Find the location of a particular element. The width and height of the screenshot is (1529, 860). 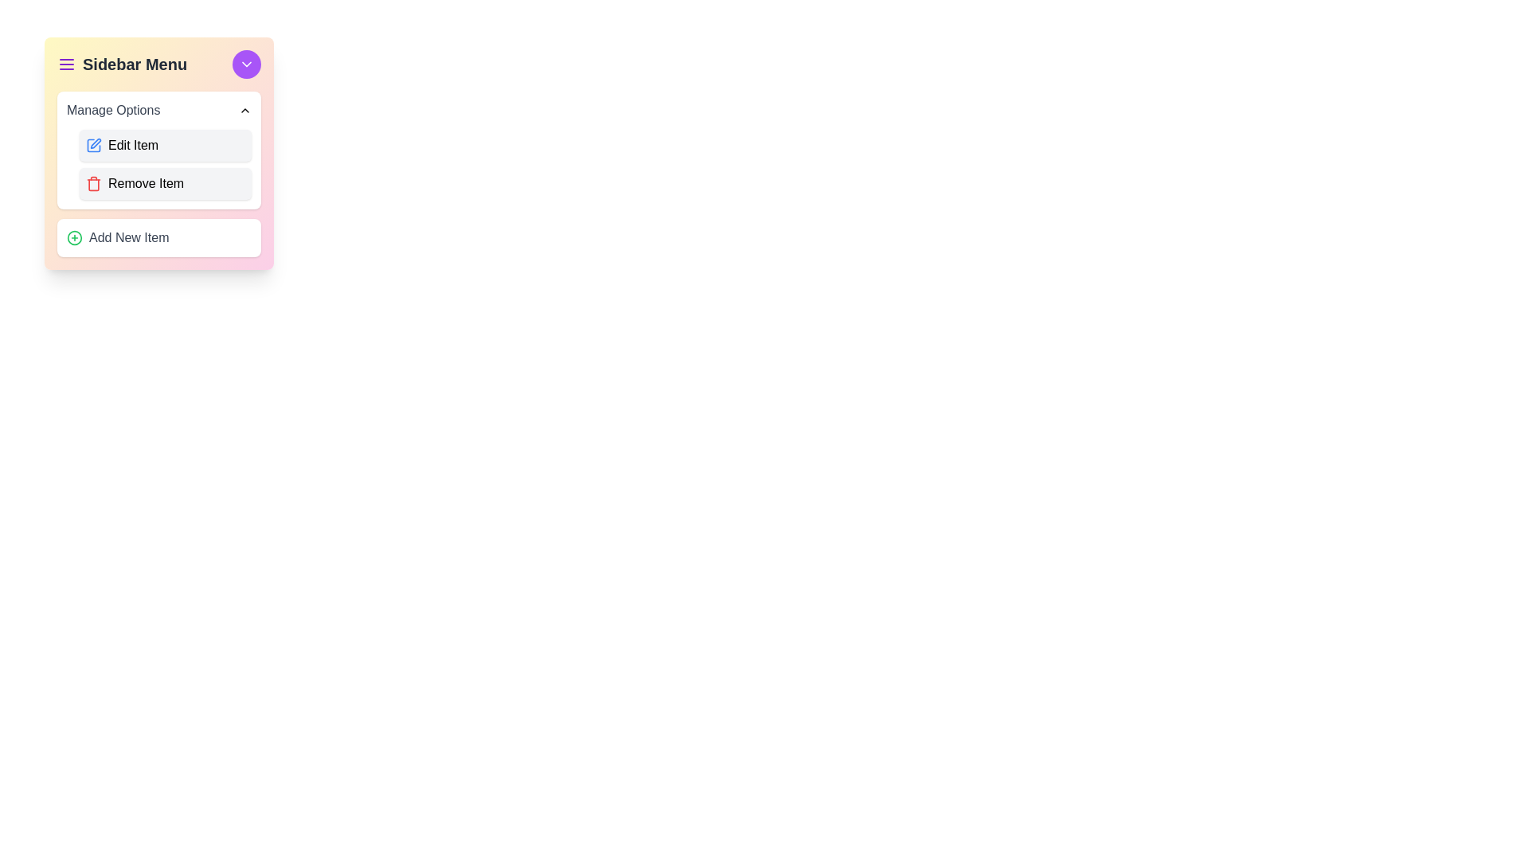

the circular button with a purple background and a white chevron icon pointing upwards in the upper-right corner of the Sidebar Menu is located at coordinates (246, 64).